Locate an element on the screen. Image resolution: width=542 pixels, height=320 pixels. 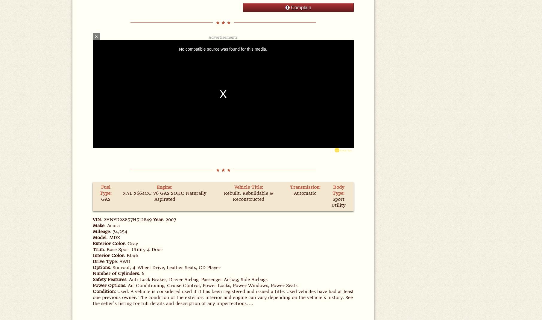
'Safety Features' is located at coordinates (109, 279).